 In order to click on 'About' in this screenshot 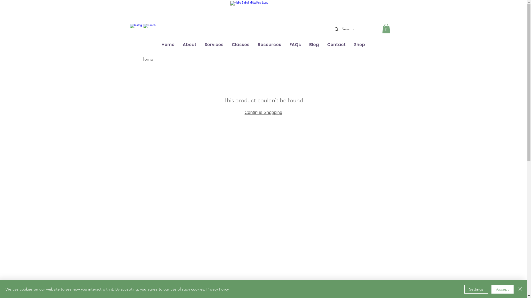, I will do `click(189, 44)`.